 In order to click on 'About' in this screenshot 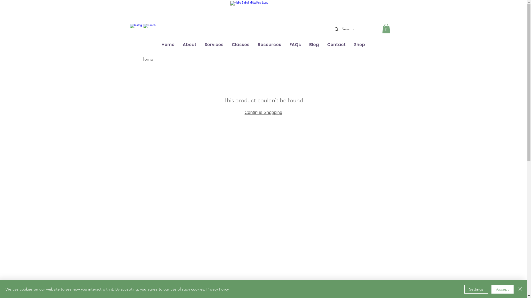, I will do `click(189, 44)`.